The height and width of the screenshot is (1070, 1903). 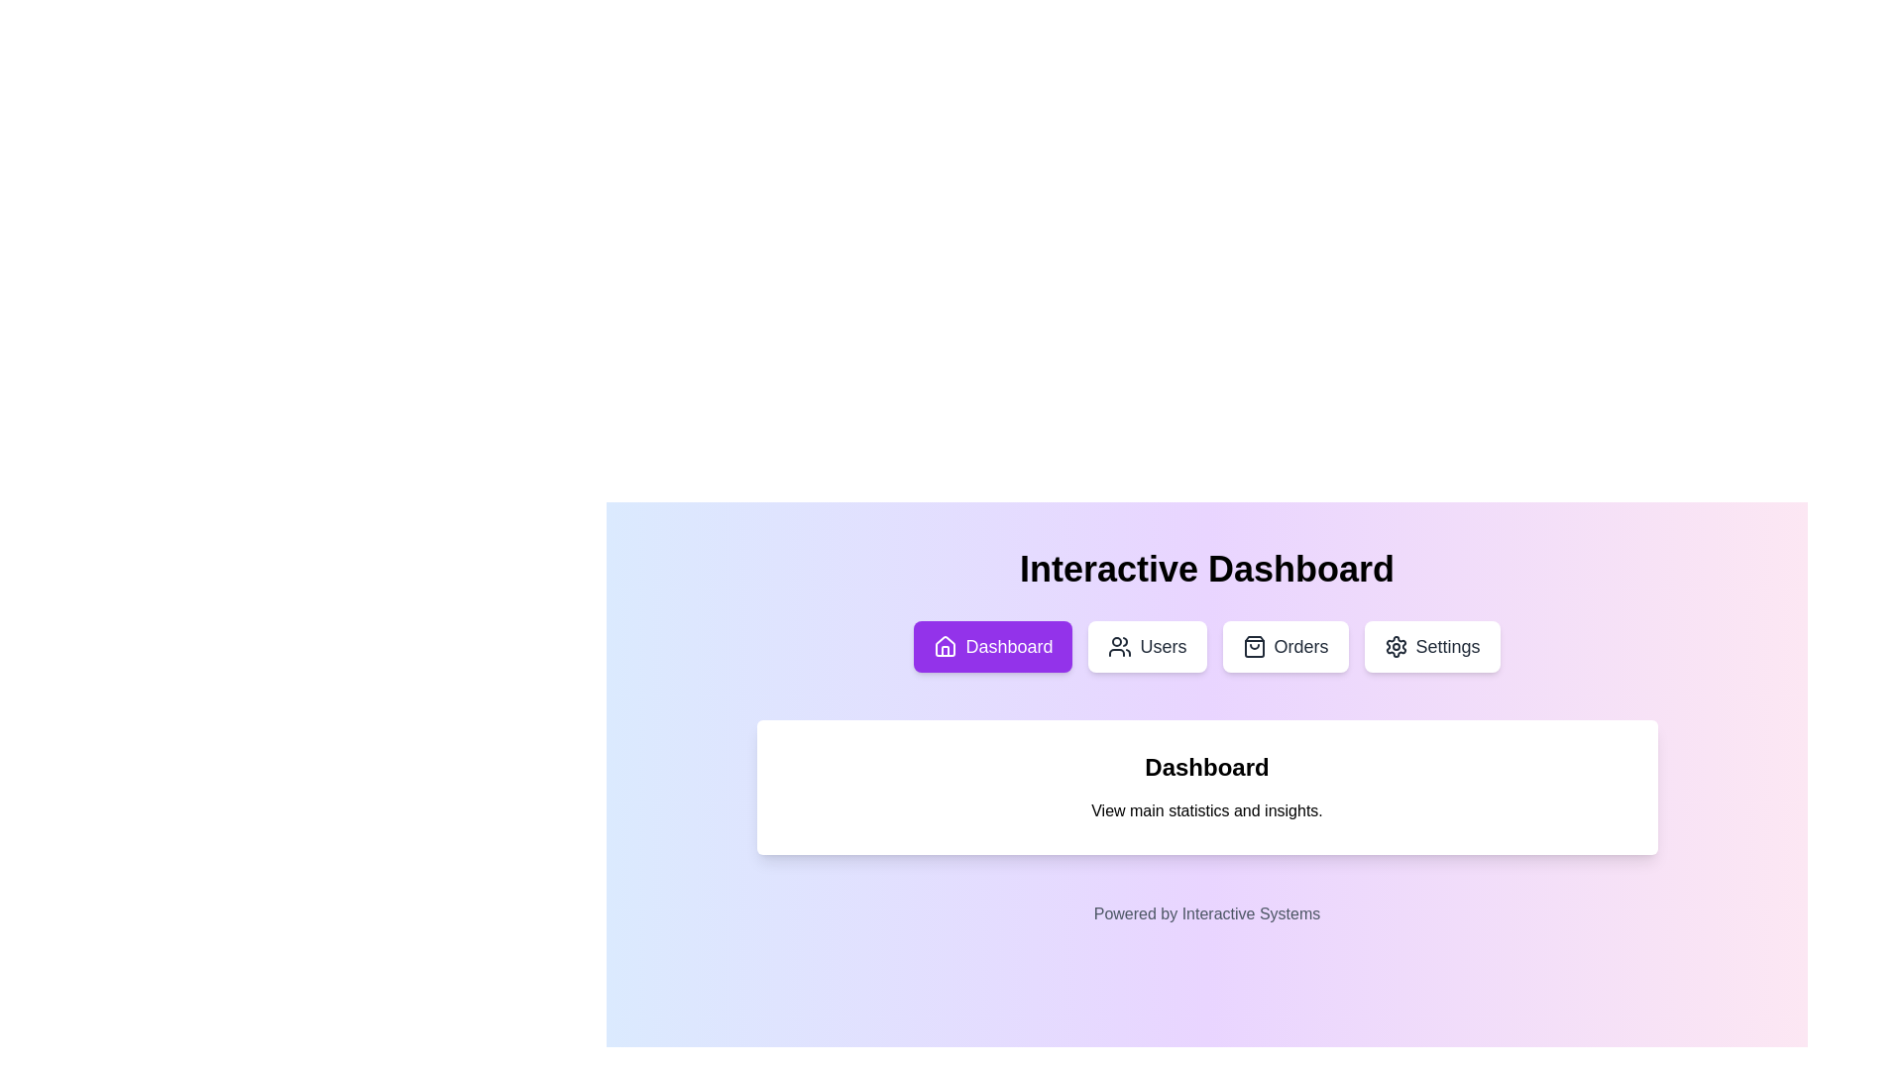 I want to click on the settings icon located to the left of the 'Settings' label in the top center navigation bar, so click(x=1395, y=646).